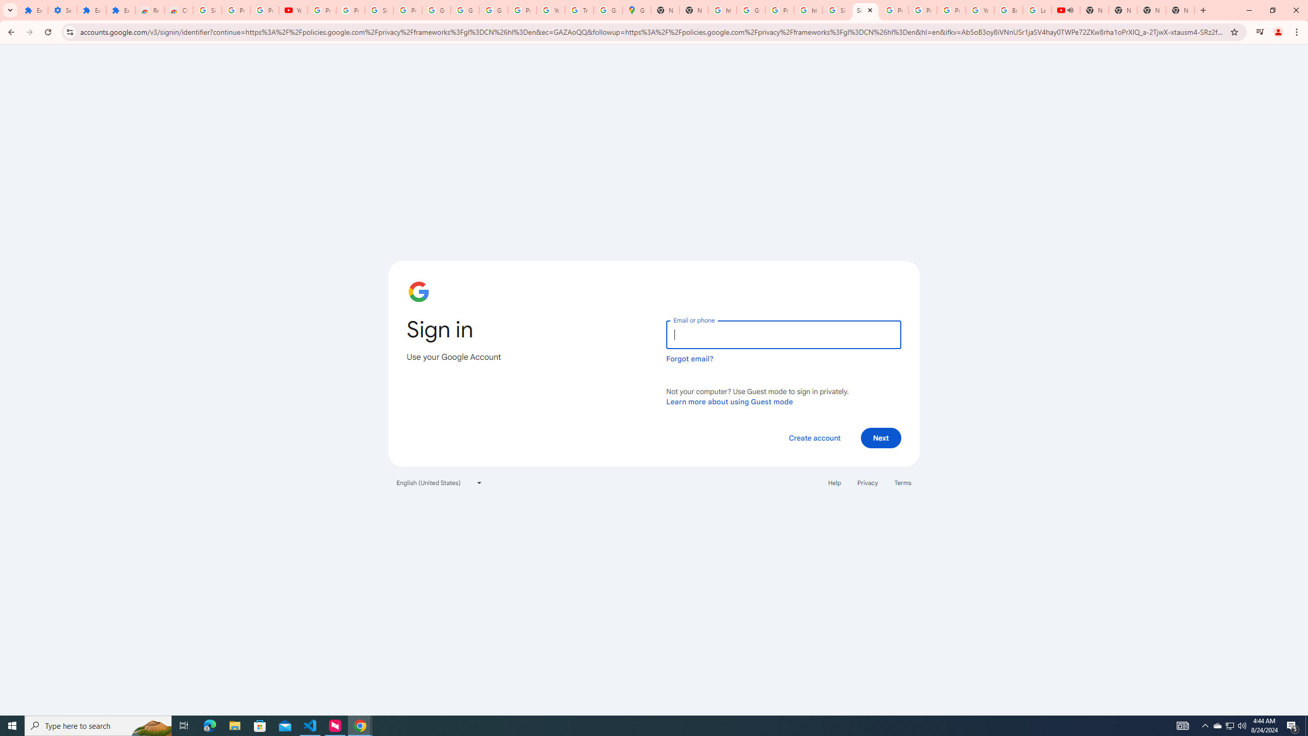 The height and width of the screenshot is (736, 1308). I want to click on 'Create account', so click(814, 437).